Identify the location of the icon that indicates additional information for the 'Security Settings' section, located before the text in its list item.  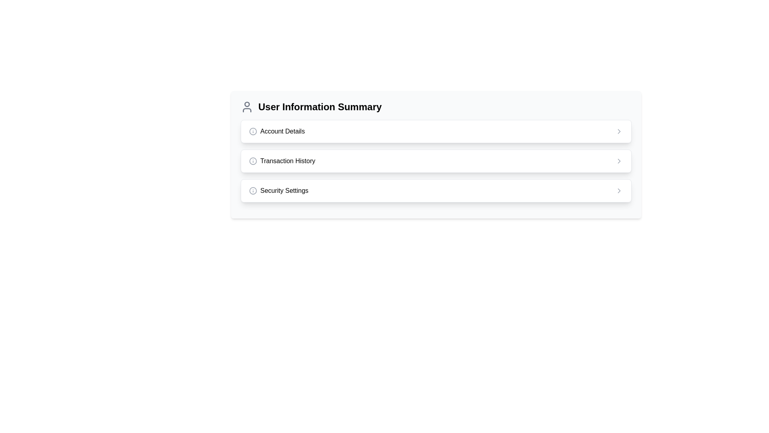
(253, 190).